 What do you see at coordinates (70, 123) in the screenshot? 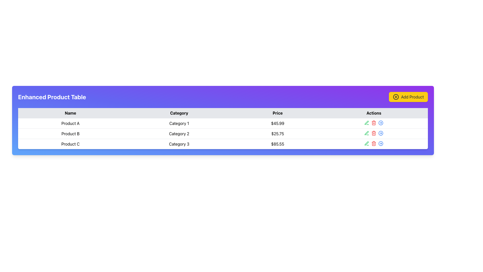
I see `the text label element that reads 'Product A'` at bounding box center [70, 123].